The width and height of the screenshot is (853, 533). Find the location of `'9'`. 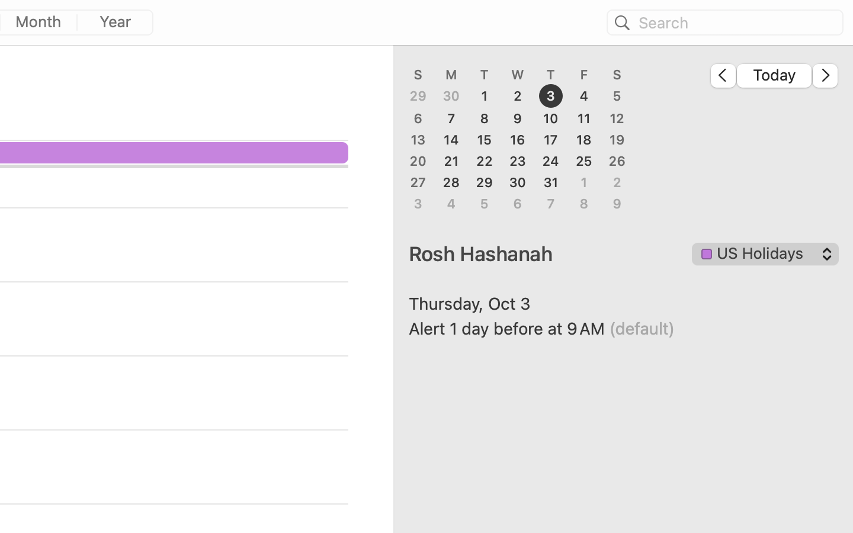

'9' is located at coordinates (517, 118).